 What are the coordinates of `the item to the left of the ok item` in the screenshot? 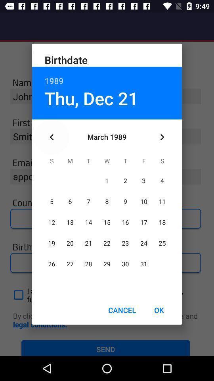 It's located at (122, 310).